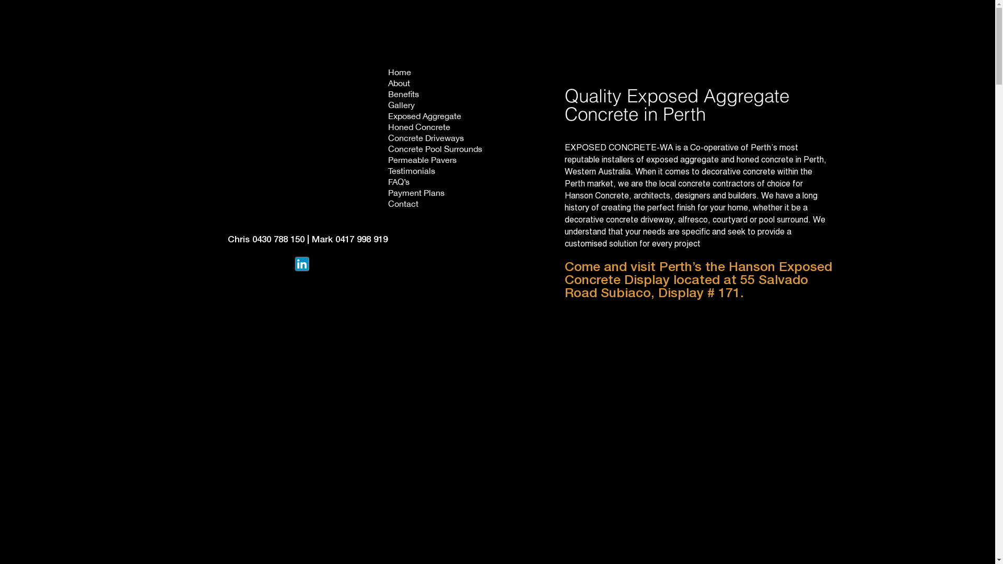 Image resolution: width=1003 pixels, height=564 pixels. What do you see at coordinates (435, 127) in the screenshot?
I see `'Honed Concrete'` at bounding box center [435, 127].